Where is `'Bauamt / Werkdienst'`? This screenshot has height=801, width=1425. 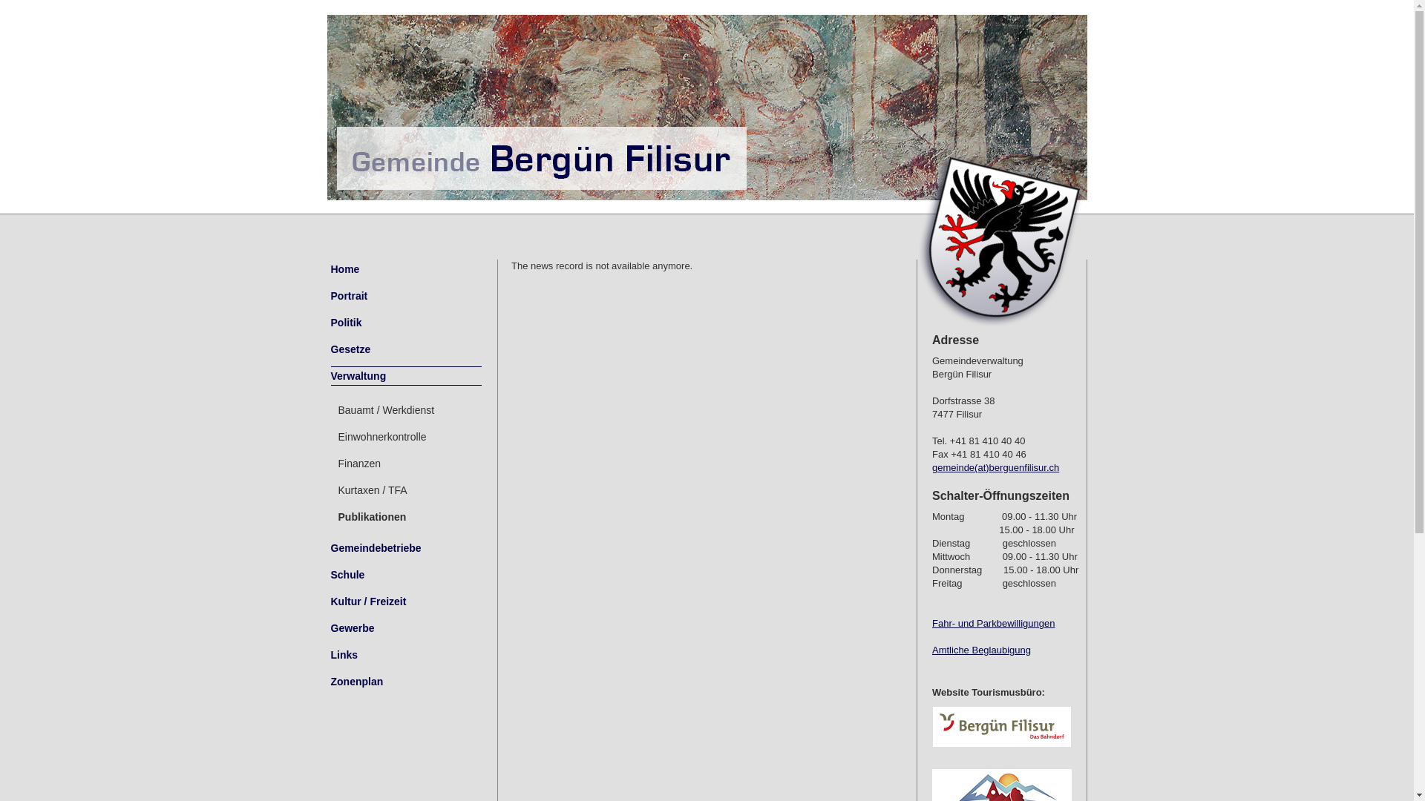 'Bauamt / Werkdienst' is located at coordinates (406, 409).